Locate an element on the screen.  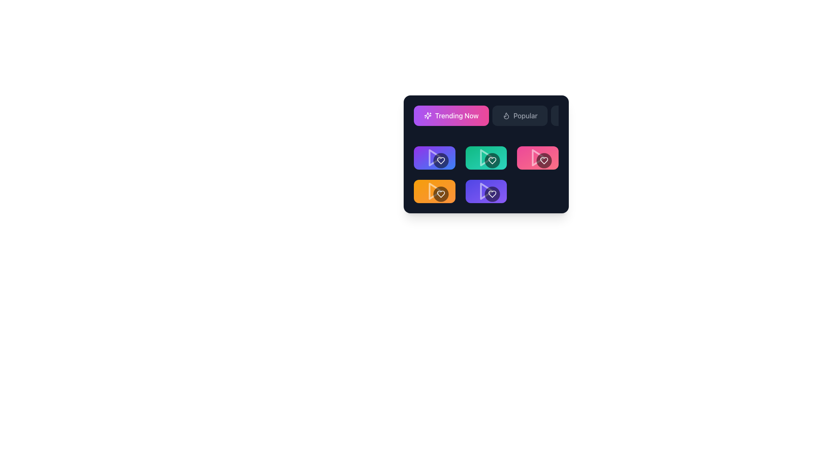
the Interactive Button with a greenish background featuring a play icon and a heart icon, located in the second row of a grid layout below the top bar with 'Trending Now' and 'Popular' options is located at coordinates (486, 154).